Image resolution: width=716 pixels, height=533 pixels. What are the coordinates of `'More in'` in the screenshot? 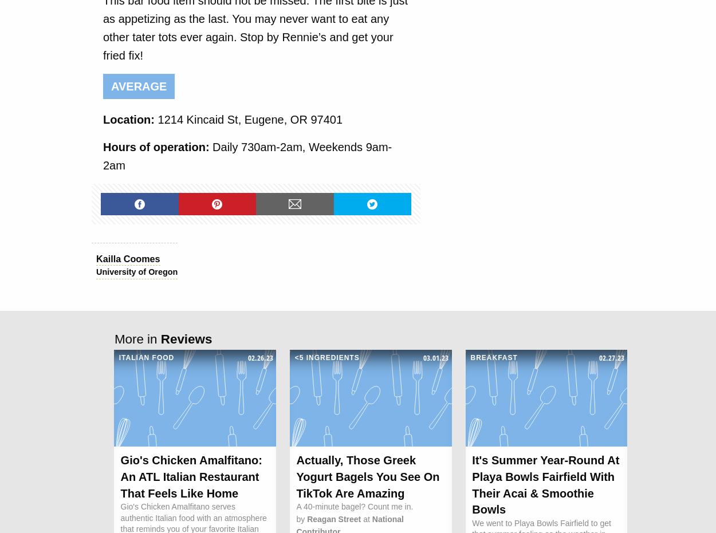 It's located at (113, 338).